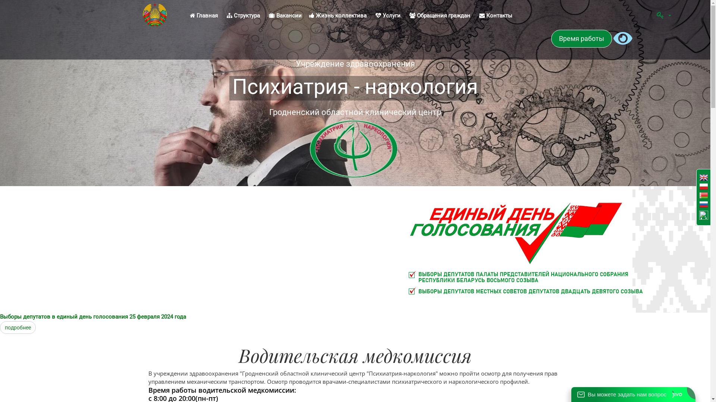  Describe the element at coordinates (703, 214) in the screenshot. I see `'Lithuanian'` at that location.